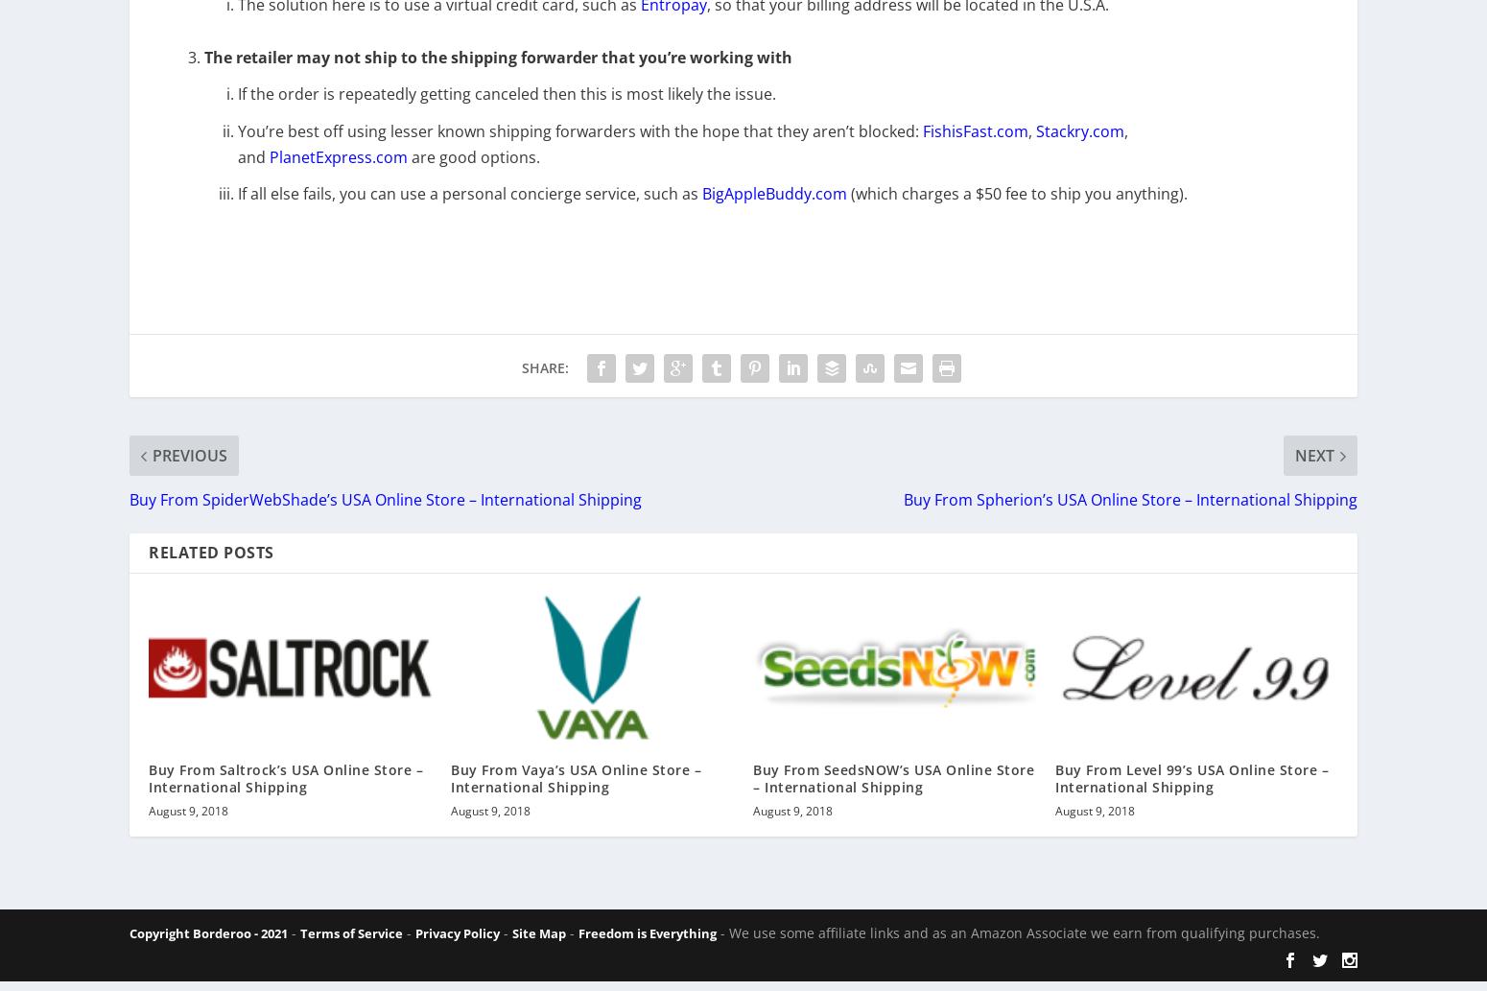  What do you see at coordinates (975, 143) in the screenshot?
I see `'FishisFast.com'` at bounding box center [975, 143].